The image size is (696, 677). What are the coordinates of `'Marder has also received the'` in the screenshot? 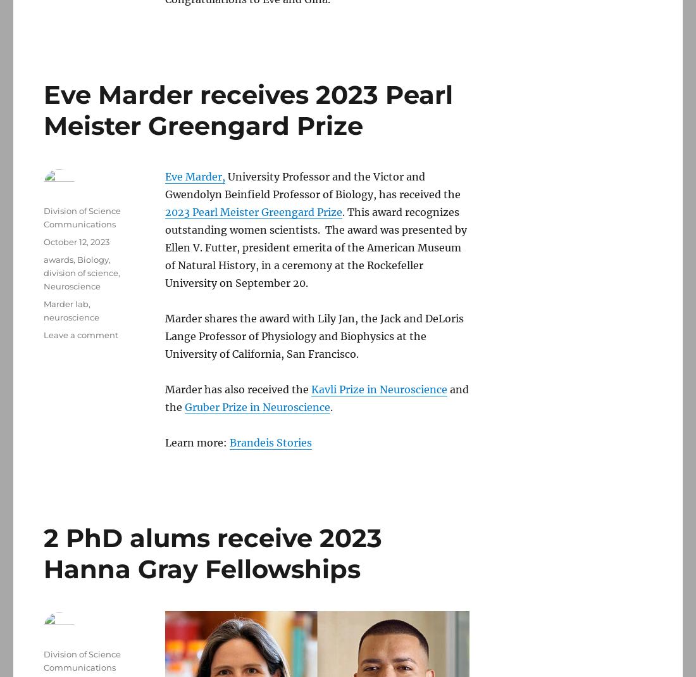 It's located at (238, 389).